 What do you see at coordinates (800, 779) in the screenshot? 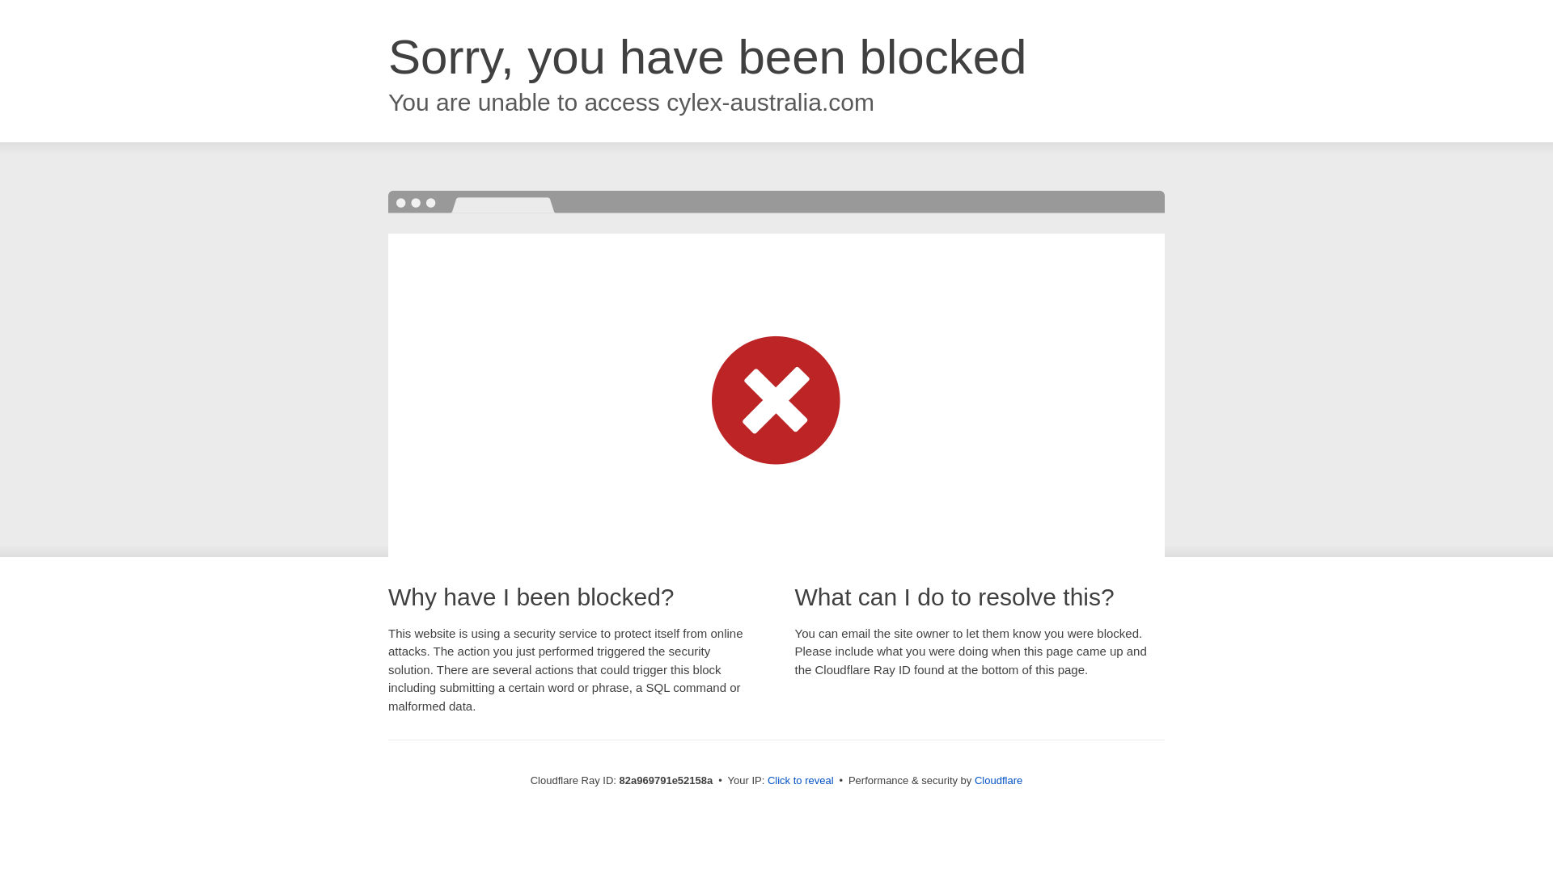
I see `'Click to reveal'` at bounding box center [800, 779].